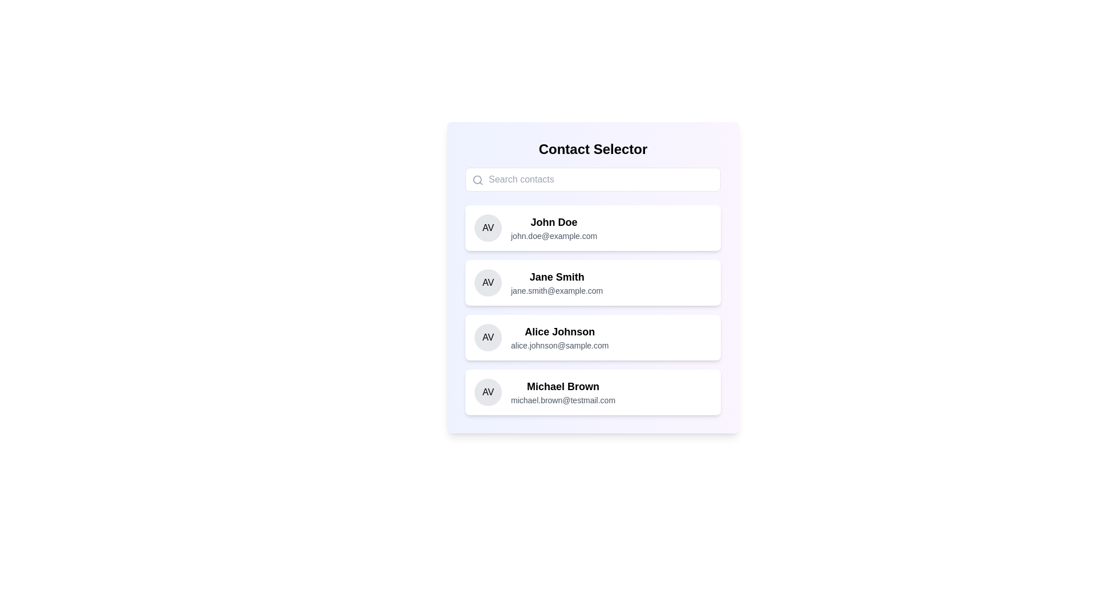  Describe the element at coordinates (554, 228) in the screenshot. I see `the Text block containing the name 'John Doe' and email 'john.doe@example.com', which is positioned to the right of the gray circle labeled 'AV'` at that location.